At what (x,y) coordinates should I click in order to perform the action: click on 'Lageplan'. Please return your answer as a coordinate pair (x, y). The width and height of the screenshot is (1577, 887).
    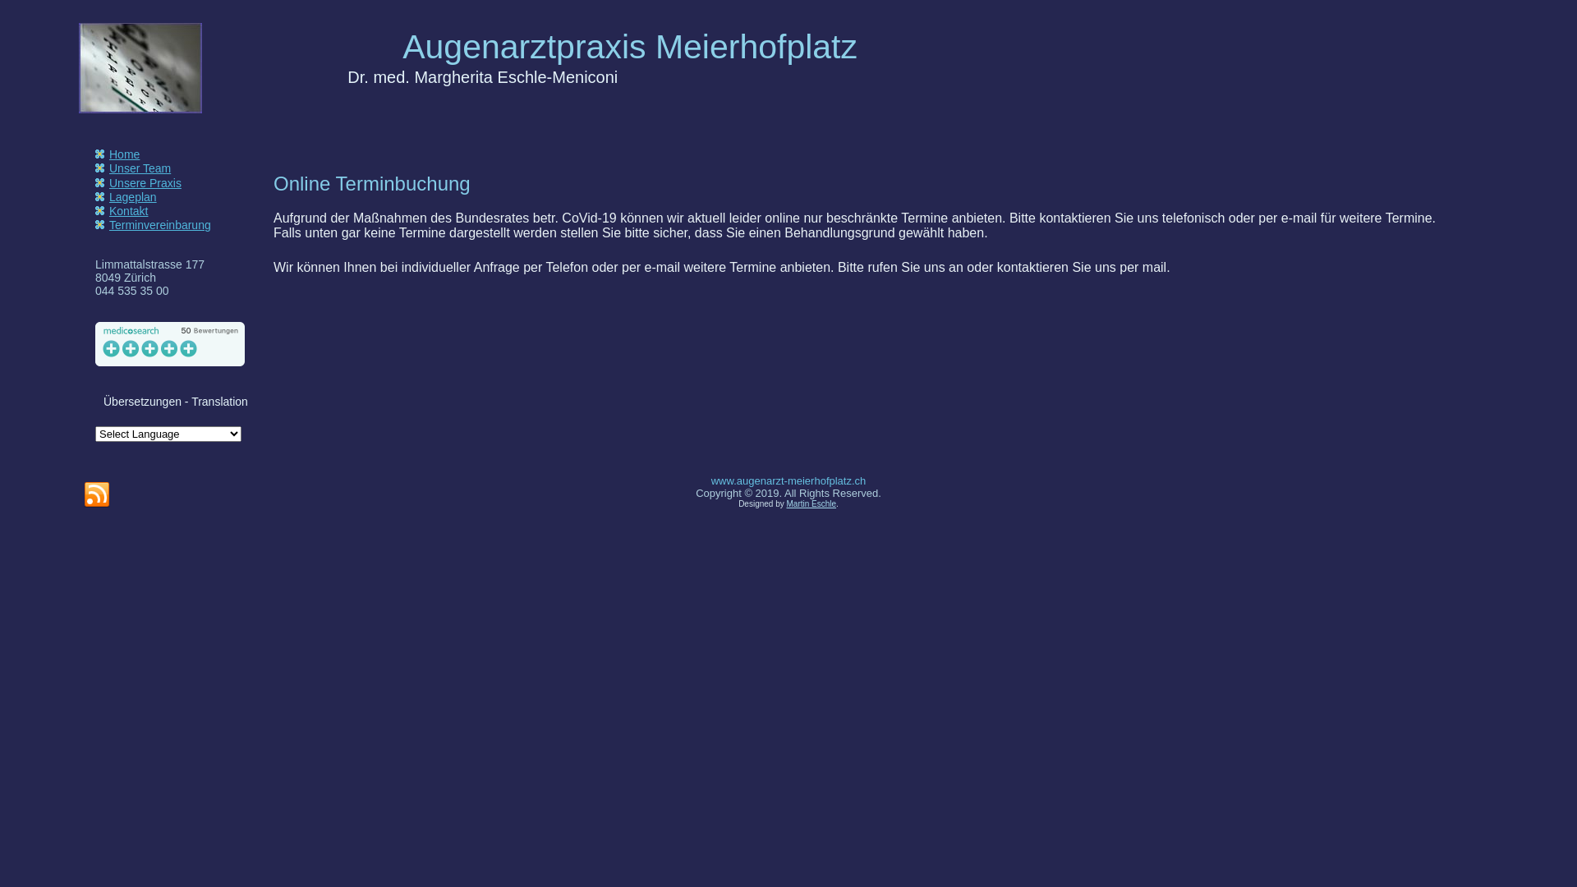
    Looking at the image, I should click on (133, 195).